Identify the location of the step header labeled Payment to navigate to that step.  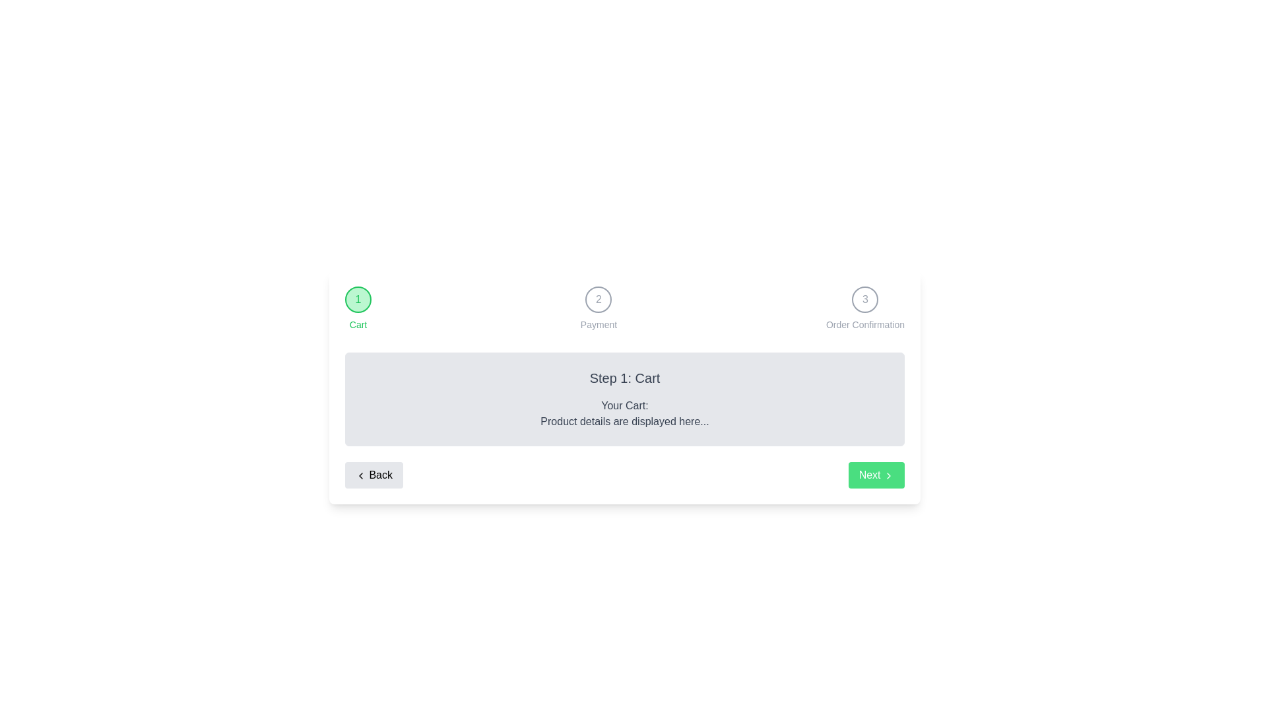
(598, 300).